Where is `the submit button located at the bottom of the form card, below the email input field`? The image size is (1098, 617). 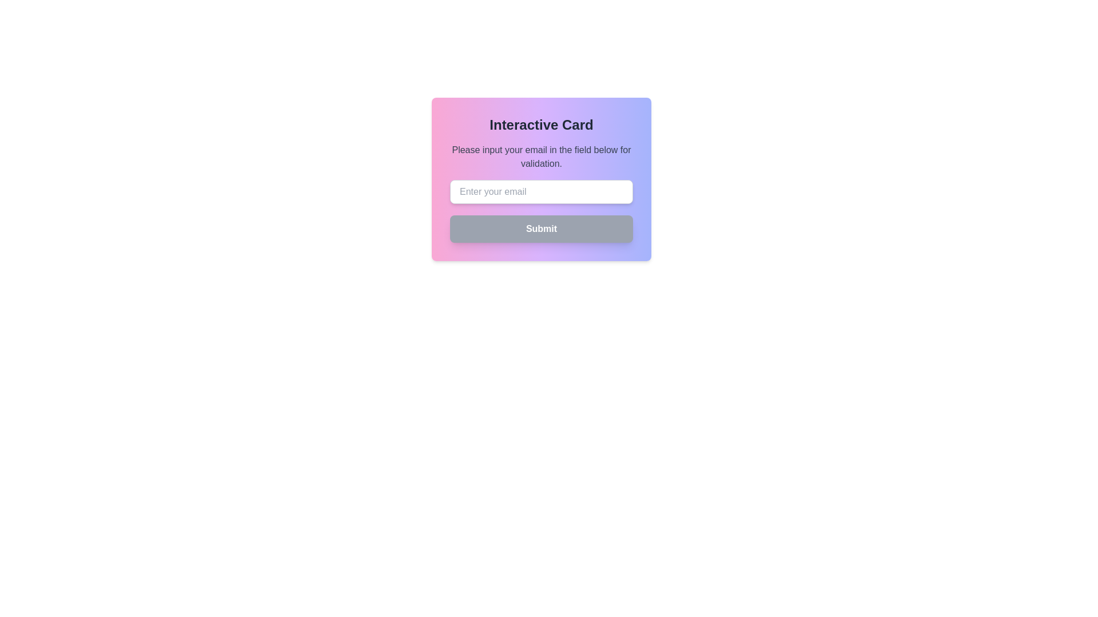 the submit button located at the bottom of the form card, below the email input field is located at coordinates (540, 229).